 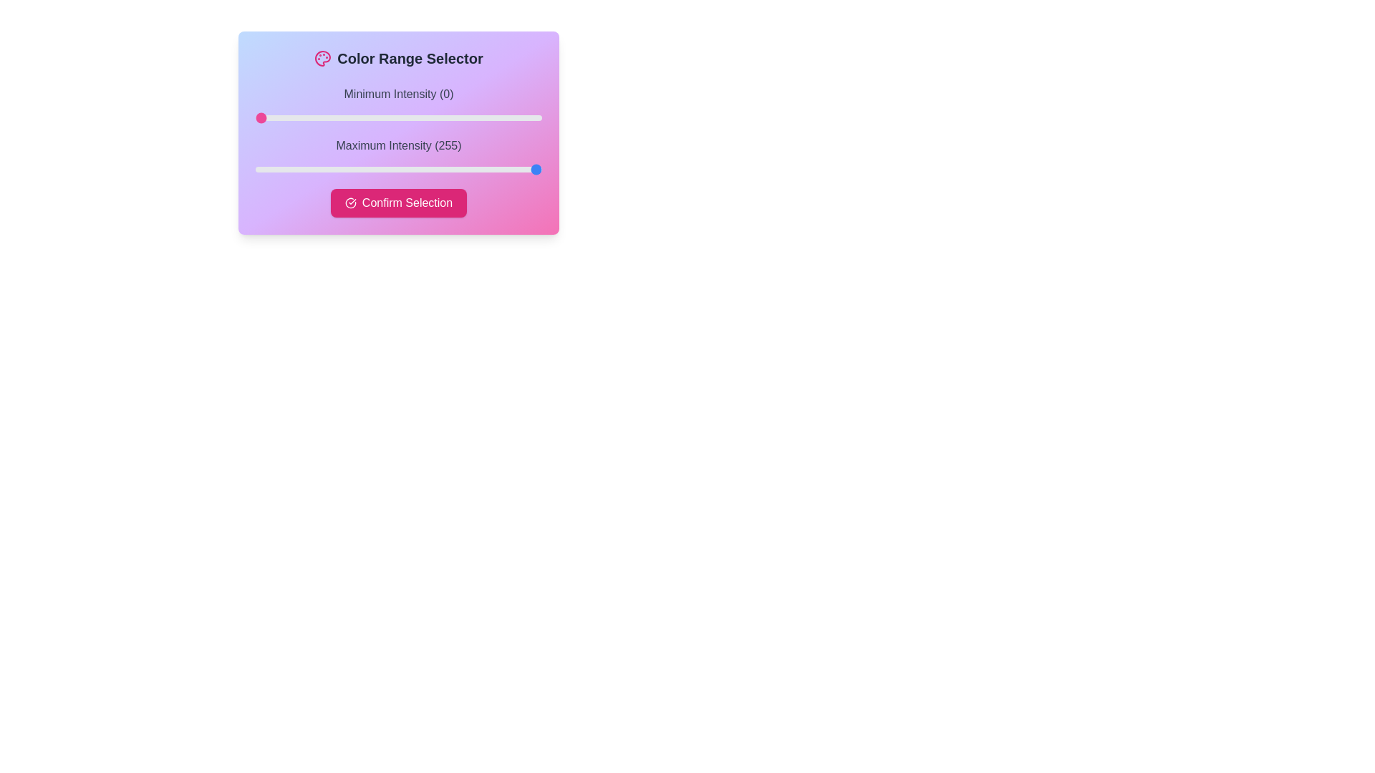 What do you see at coordinates (297, 117) in the screenshot?
I see `the minimum intensity slider to 38 value` at bounding box center [297, 117].